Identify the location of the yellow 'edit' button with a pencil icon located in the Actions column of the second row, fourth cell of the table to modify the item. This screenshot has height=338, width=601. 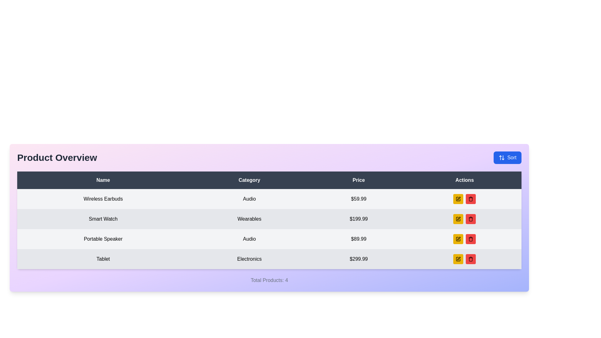
(465, 218).